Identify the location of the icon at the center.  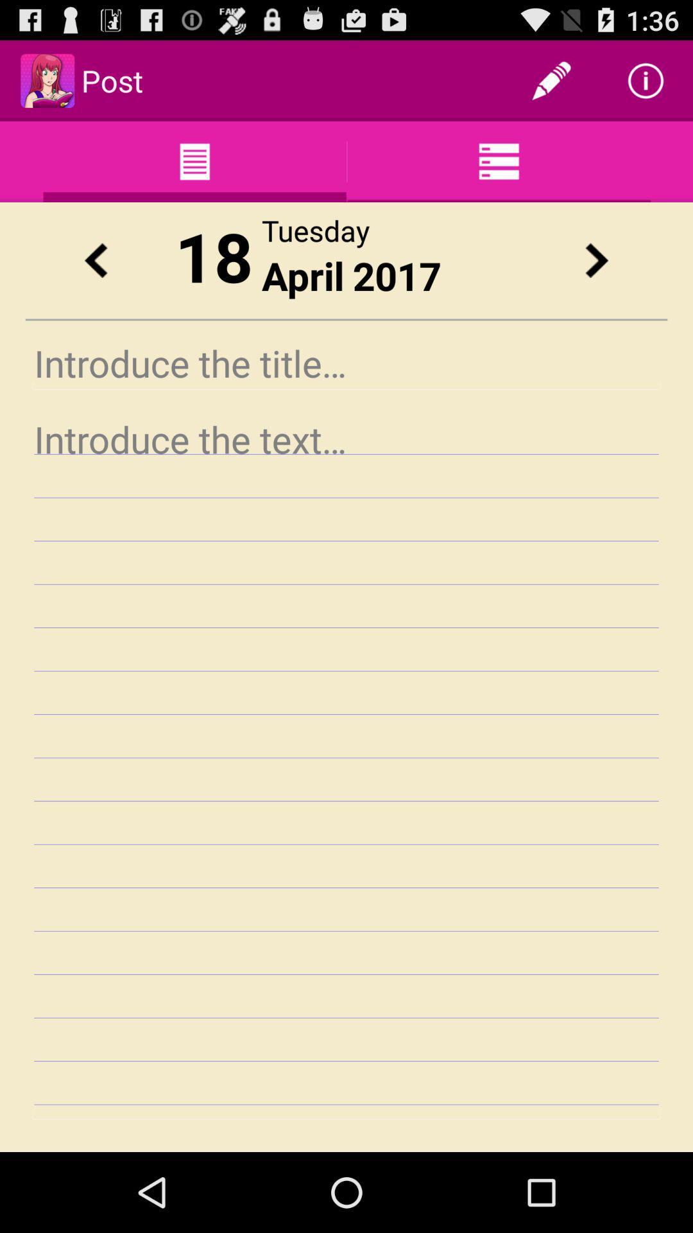
(346, 765).